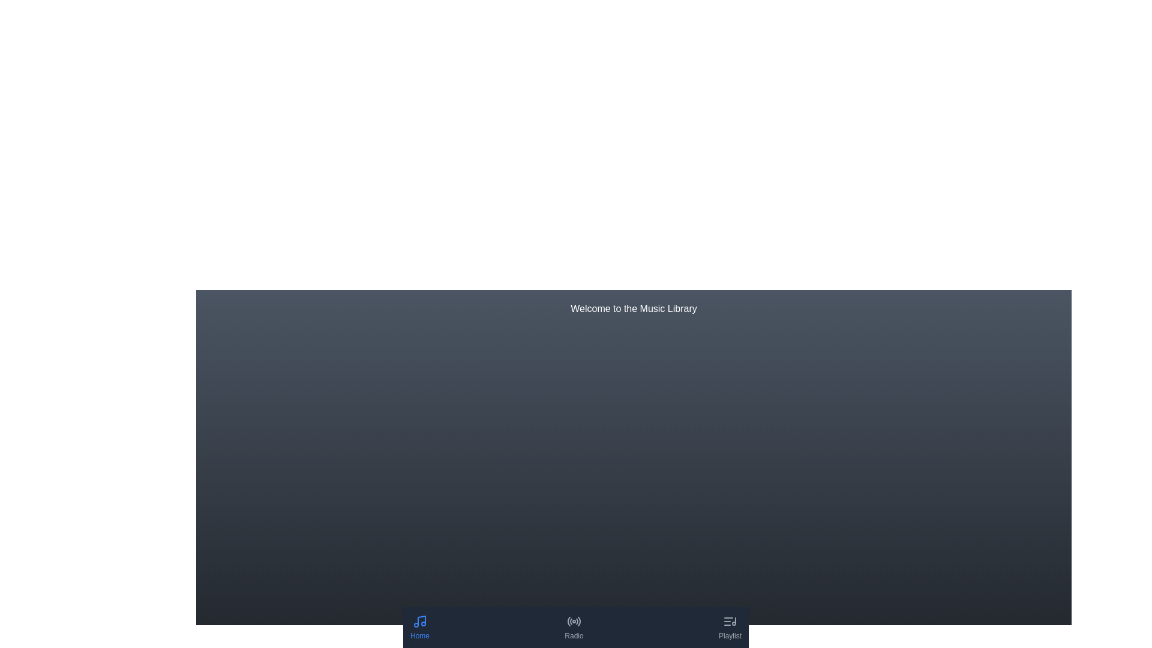  Describe the element at coordinates (573, 635) in the screenshot. I see `the text label displaying 'Radio', which is styled in light gray on a darker background and located at the bottom center of the navigation bar` at that location.